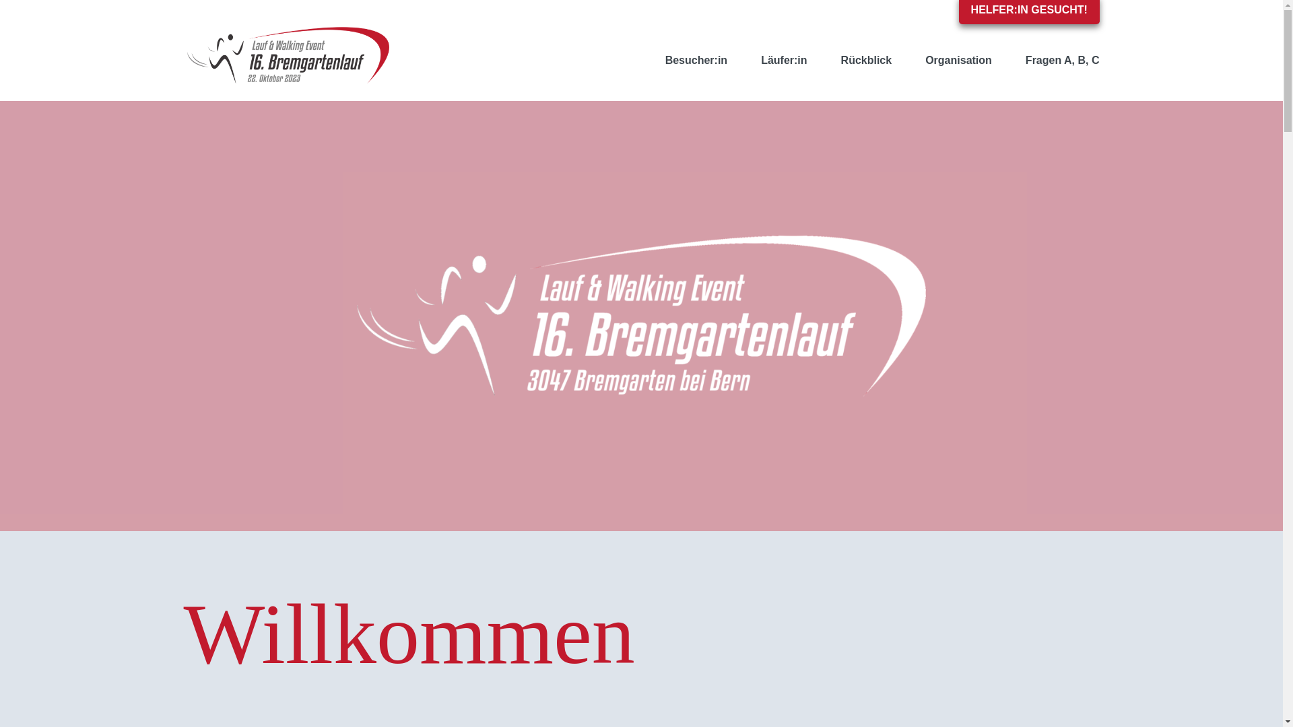  Describe the element at coordinates (696, 59) in the screenshot. I see `'Besucher:in'` at that location.